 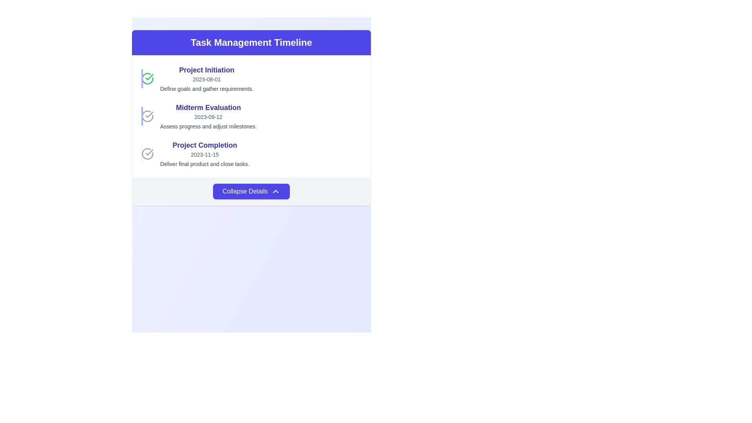 I want to click on the text label displaying 'Midterm Evaluation' which is bold, highlighted, and indigo in color, located within a grouped layout, so click(x=208, y=107).